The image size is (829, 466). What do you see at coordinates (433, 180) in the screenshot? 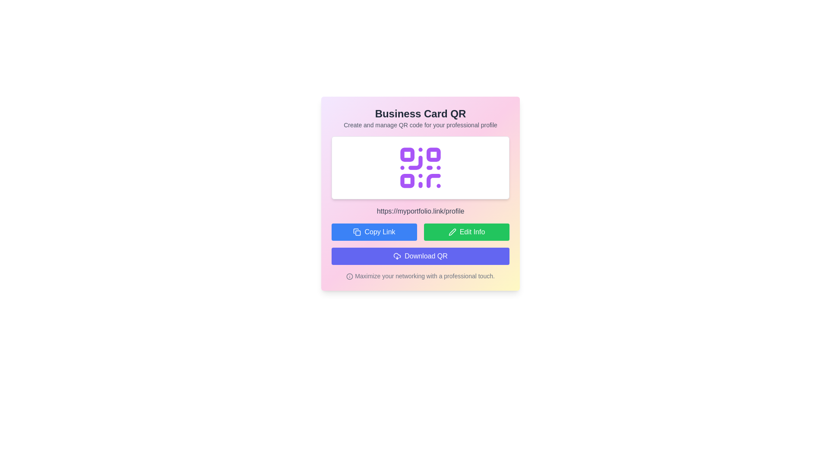
I see `the fourth segment of the purple line element within the QR Code graphic, located towards the right side and slightly lower than the center` at bounding box center [433, 180].